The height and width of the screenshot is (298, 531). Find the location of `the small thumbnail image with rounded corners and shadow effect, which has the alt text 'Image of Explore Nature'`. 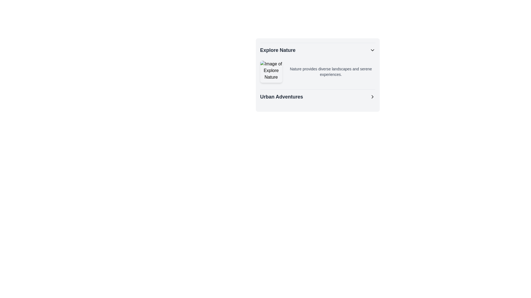

the small thumbnail image with rounded corners and shadow effect, which has the alt text 'Image of Explore Nature' is located at coordinates (271, 71).